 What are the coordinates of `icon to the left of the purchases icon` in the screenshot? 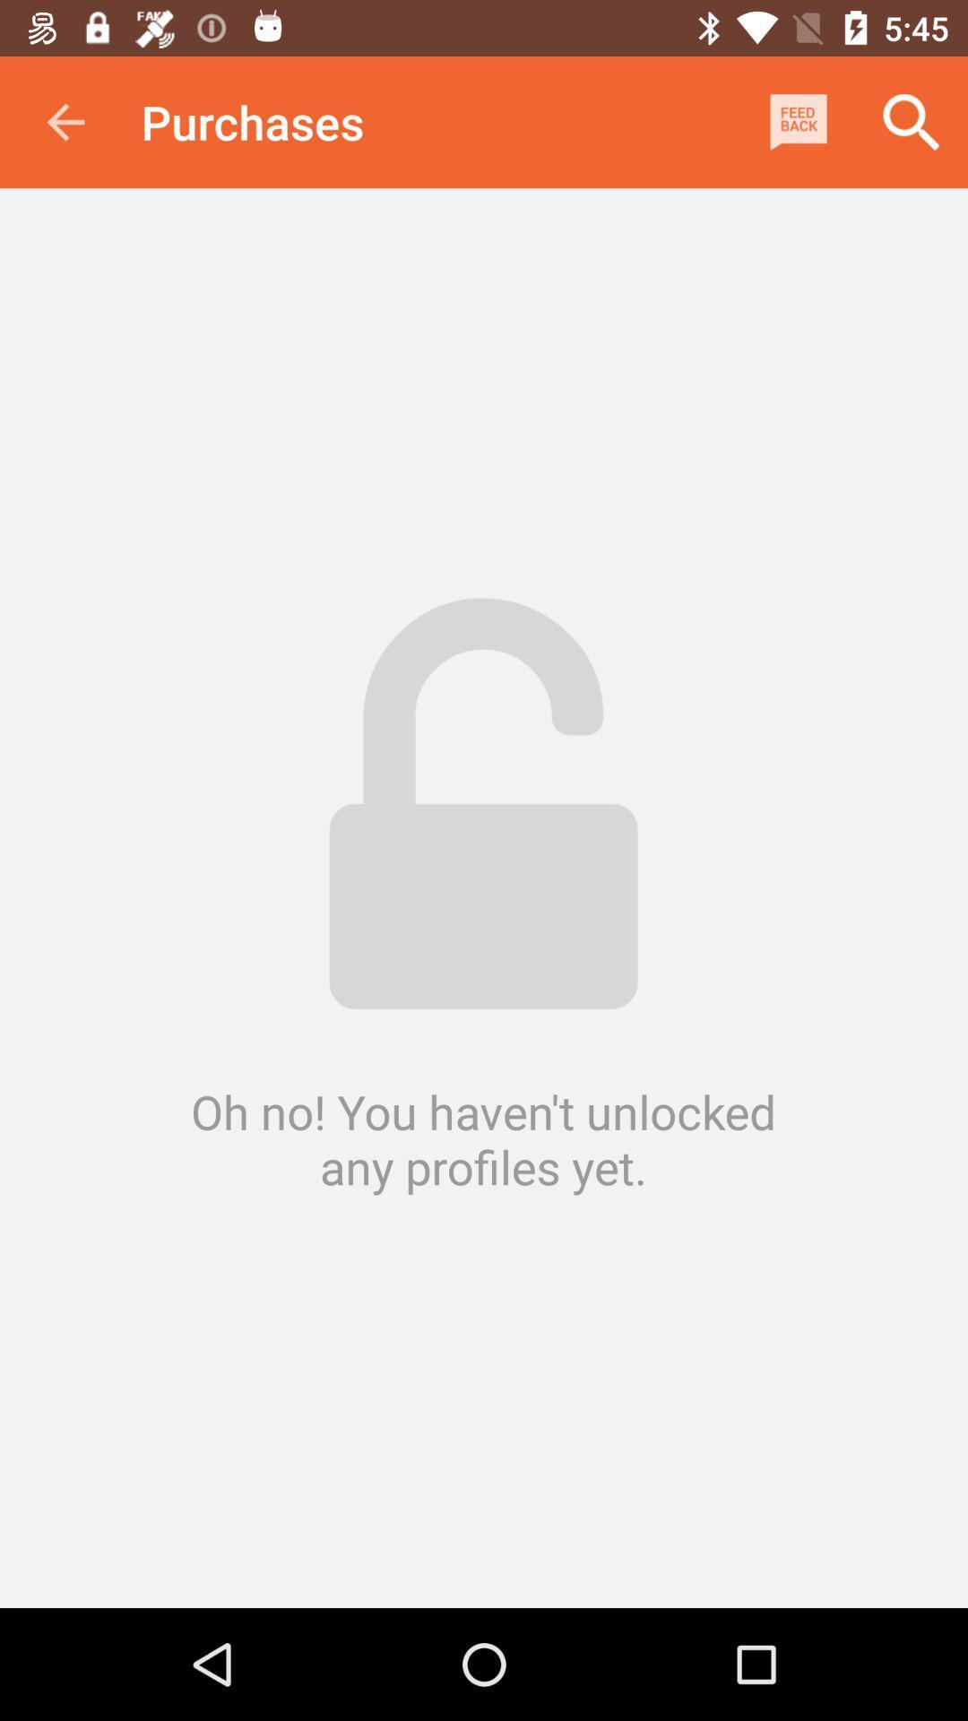 It's located at (65, 121).